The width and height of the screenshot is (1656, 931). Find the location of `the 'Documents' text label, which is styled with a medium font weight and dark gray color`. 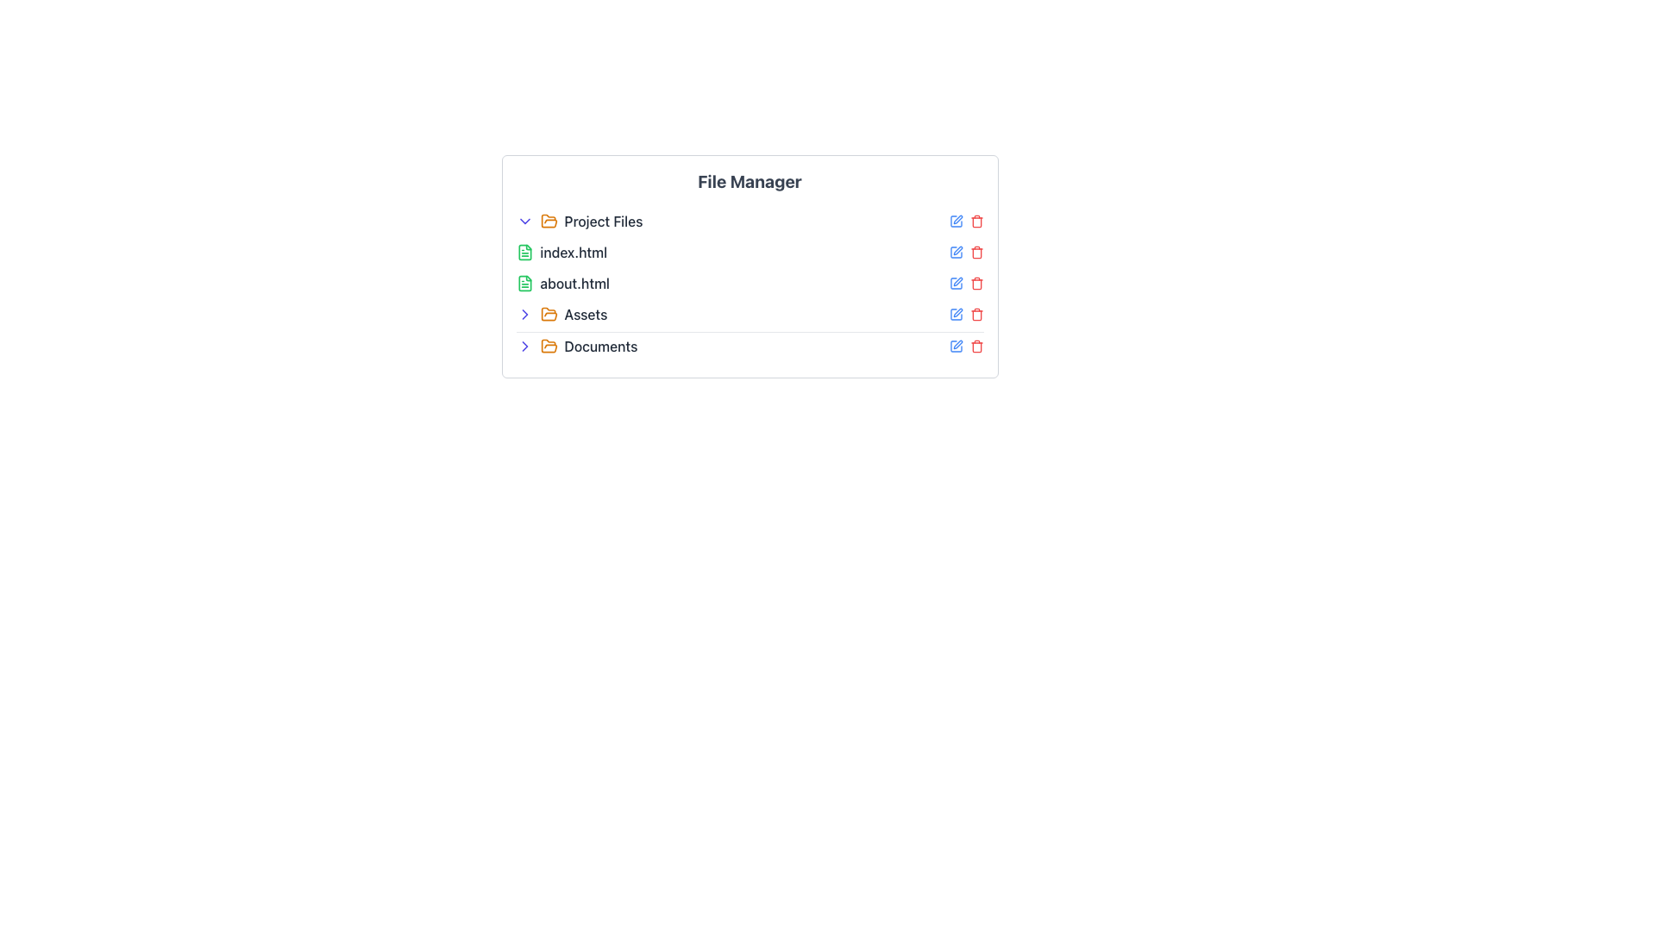

the 'Documents' text label, which is styled with a medium font weight and dark gray color is located at coordinates (600, 346).